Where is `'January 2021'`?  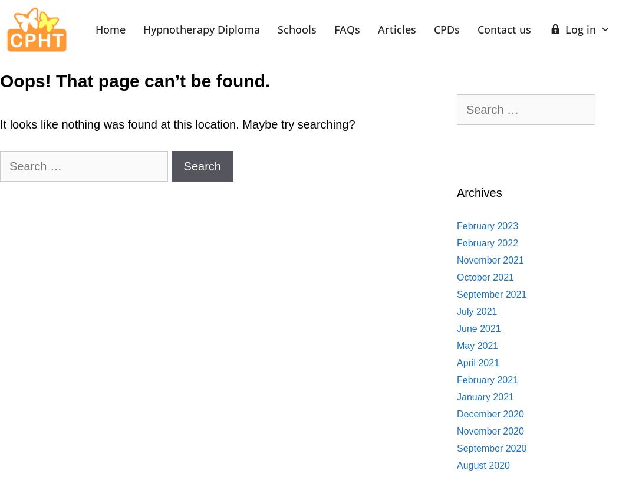
'January 2021' is located at coordinates (484, 397).